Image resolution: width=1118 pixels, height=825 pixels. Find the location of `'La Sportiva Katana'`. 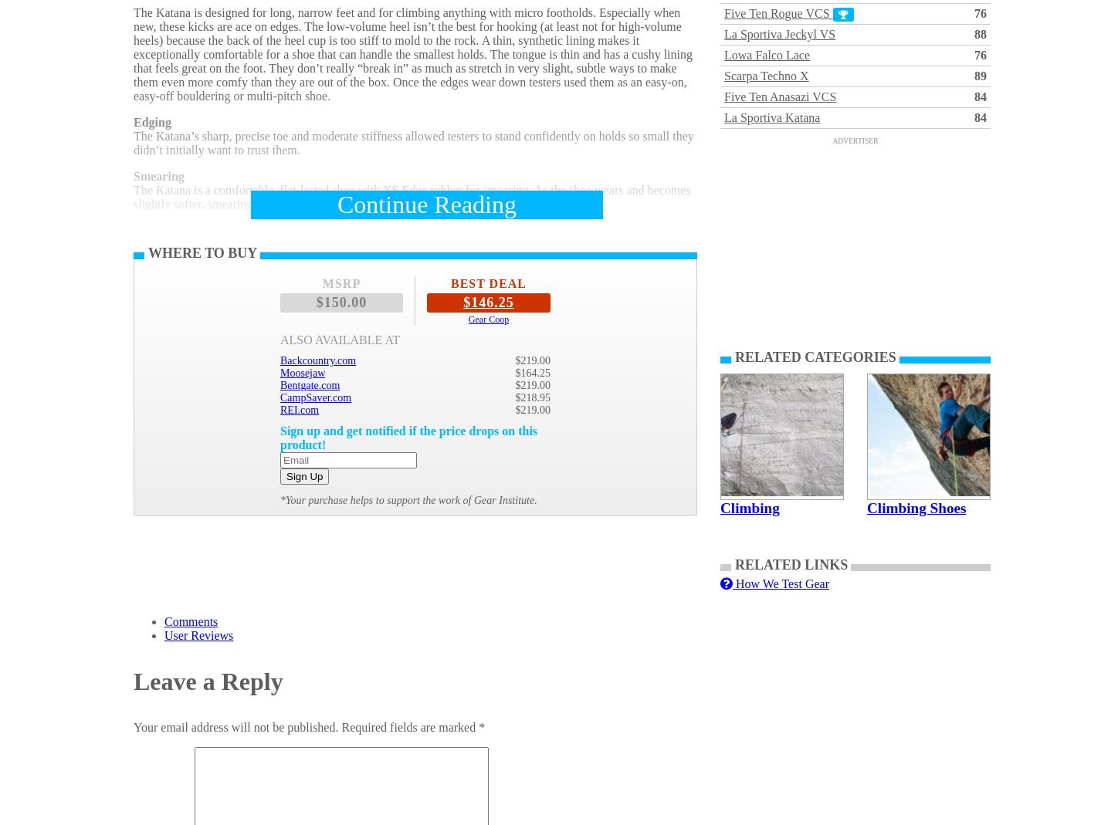

'La Sportiva Katana' is located at coordinates (771, 117).